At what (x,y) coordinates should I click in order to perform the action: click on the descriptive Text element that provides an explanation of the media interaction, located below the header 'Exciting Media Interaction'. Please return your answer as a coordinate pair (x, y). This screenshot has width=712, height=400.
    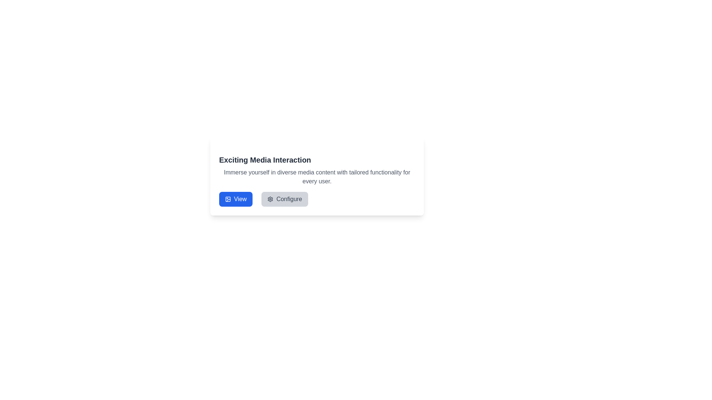
    Looking at the image, I should click on (317, 177).